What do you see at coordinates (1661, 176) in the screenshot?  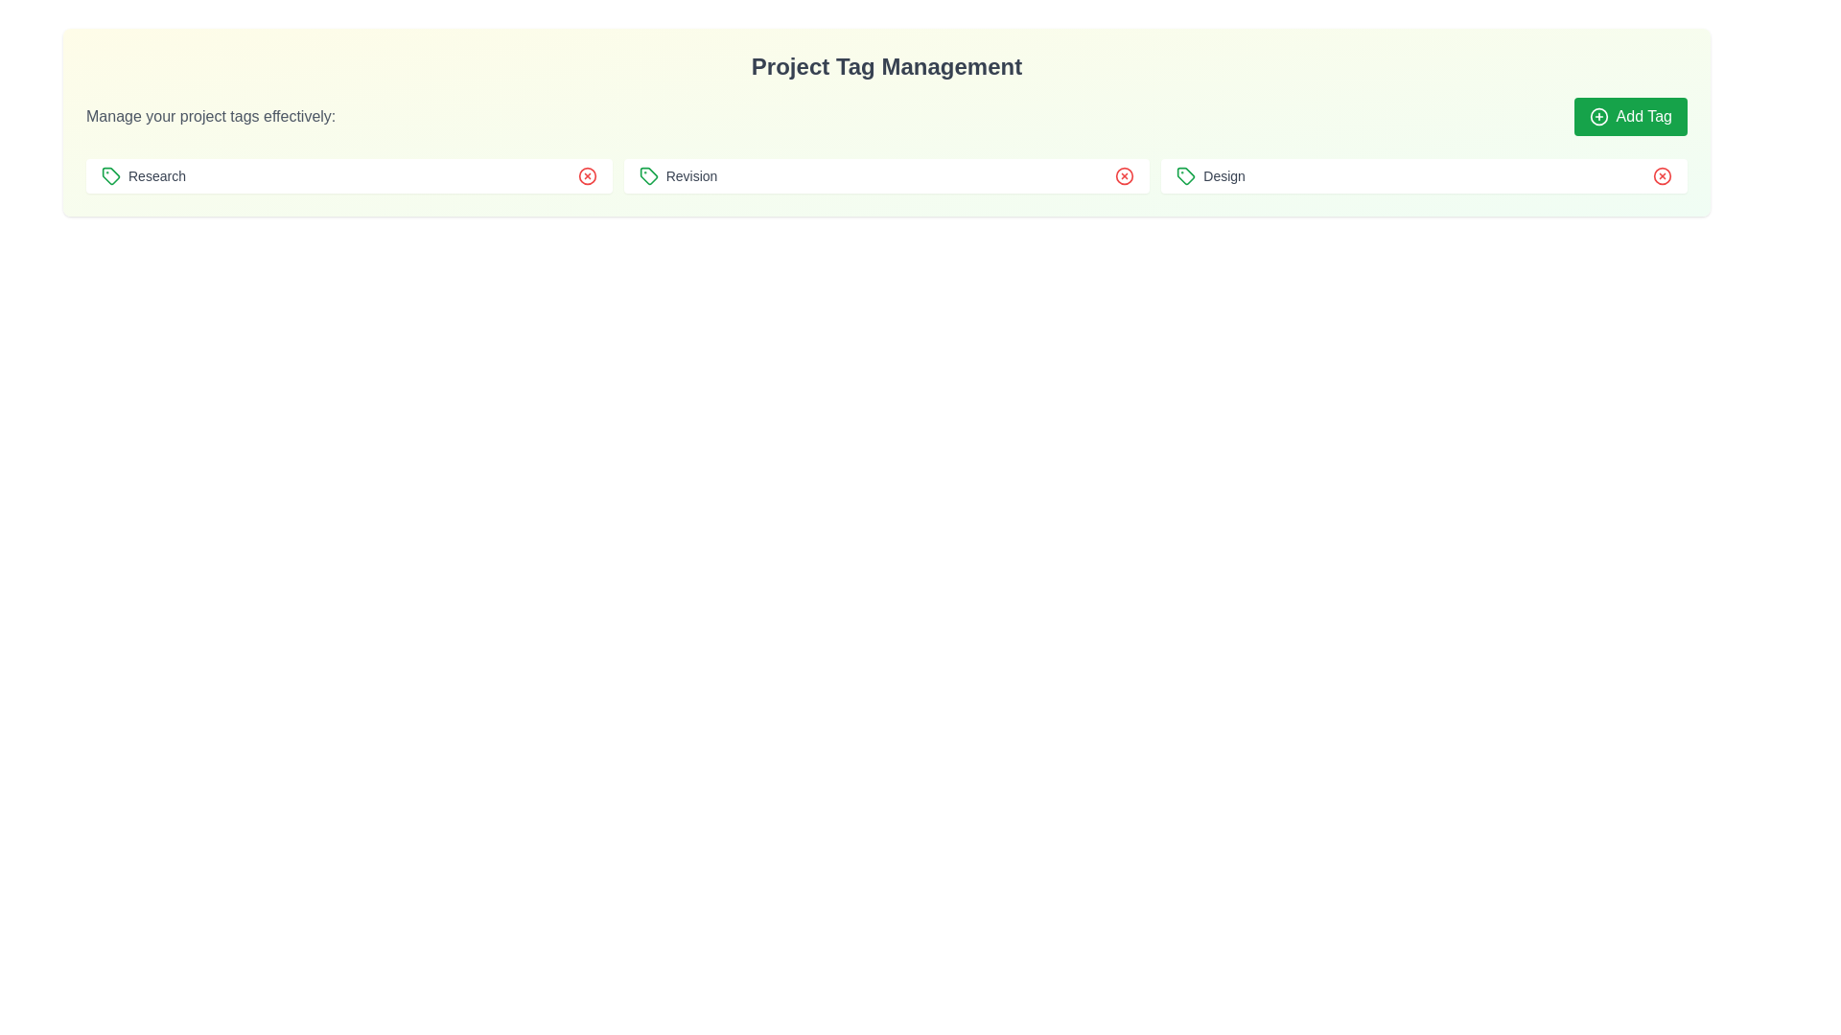 I see `the delete button for the category 'Design' located at the far-right end of the top bar` at bounding box center [1661, 176].